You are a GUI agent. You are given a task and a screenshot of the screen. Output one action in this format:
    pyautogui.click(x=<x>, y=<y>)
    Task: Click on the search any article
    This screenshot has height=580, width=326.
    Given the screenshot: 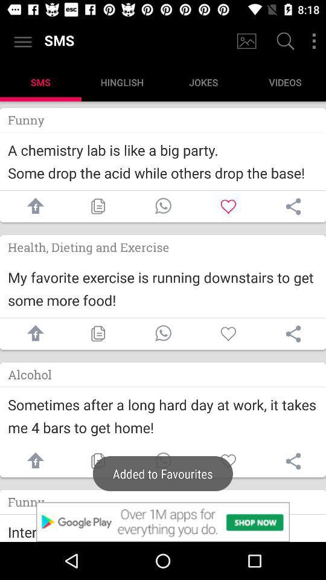 What is the action you would take?
    pyautogui.click(x=284, y=42)
    